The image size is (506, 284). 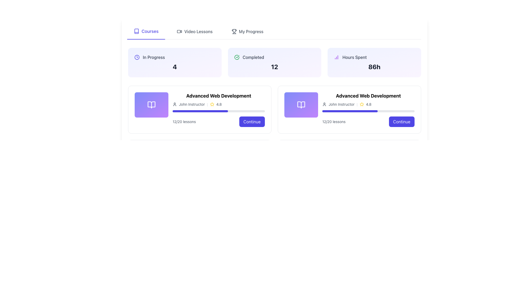 What do you see at coordinates (374, 62) in the screenshot?
I see `the Information card that displays the total hours spent, which is the third card in a horizontal group of three cards positioned to the far right` at bounding box center [374, 62].